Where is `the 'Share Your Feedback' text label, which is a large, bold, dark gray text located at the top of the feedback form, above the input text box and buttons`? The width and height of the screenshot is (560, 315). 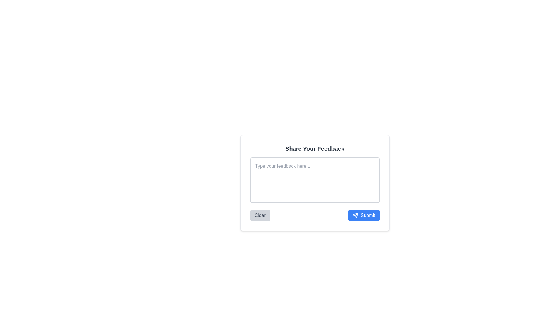 the 'Share Your Feedback' text label, which is a large, bold, dark gray text located at the top of the feedback form, above the input text box and buttons is located at coordinates (314, 148).